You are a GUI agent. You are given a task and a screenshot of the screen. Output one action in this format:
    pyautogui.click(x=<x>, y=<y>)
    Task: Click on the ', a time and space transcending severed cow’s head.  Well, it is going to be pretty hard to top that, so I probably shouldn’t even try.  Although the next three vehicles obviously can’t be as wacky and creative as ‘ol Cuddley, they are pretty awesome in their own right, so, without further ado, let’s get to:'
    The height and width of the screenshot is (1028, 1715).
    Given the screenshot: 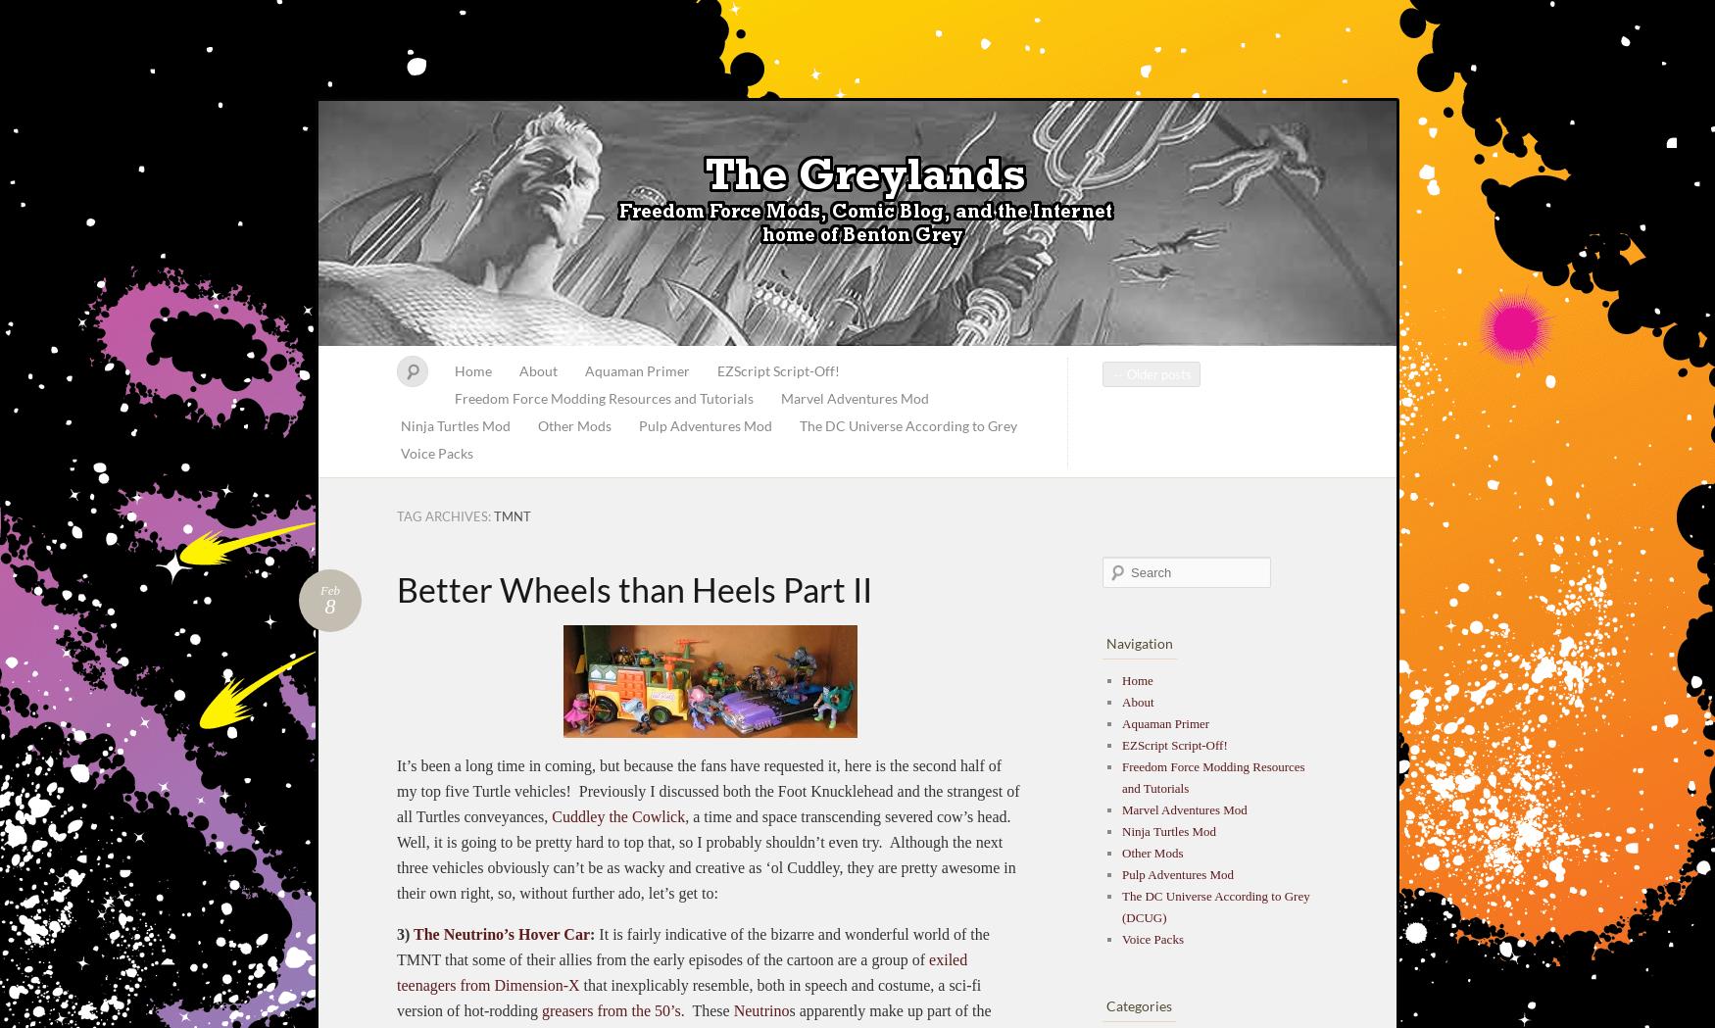 What is the action you would take?
    pyautogui.click(x=706, y=854)
    